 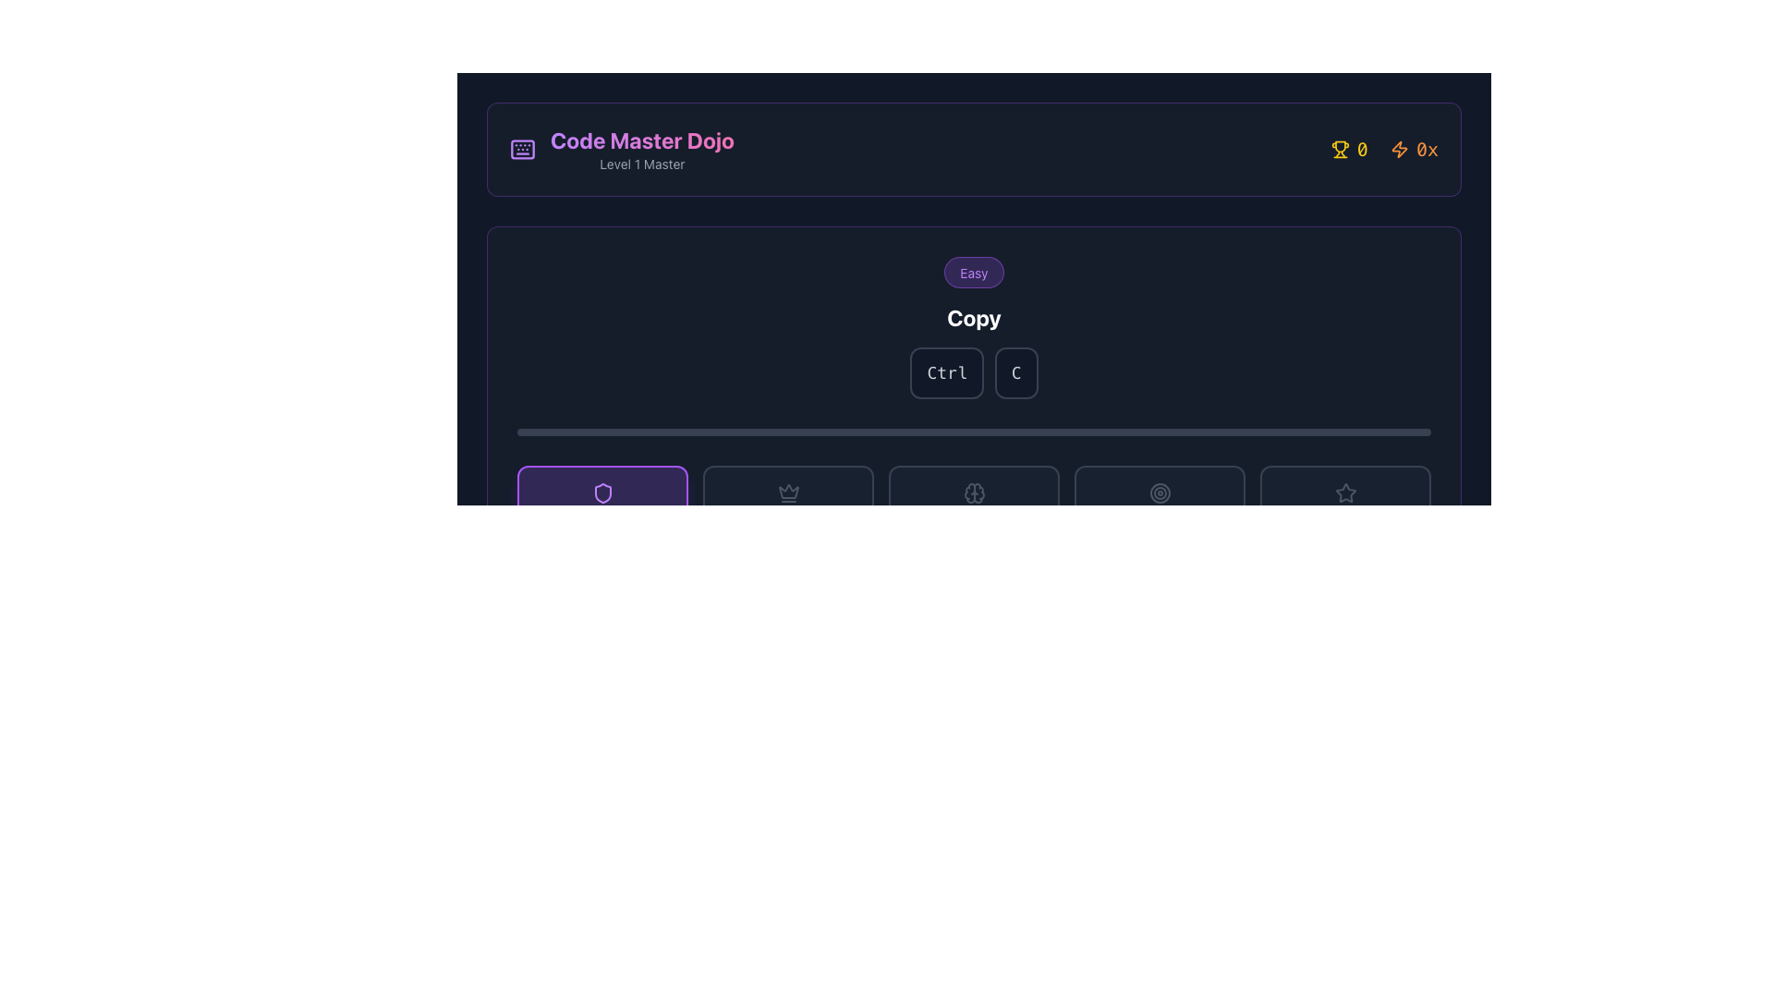 I want to click on the first button representing the 'Ctrl' key, located to the left of the 'C' button, so click(x=947, y=373).